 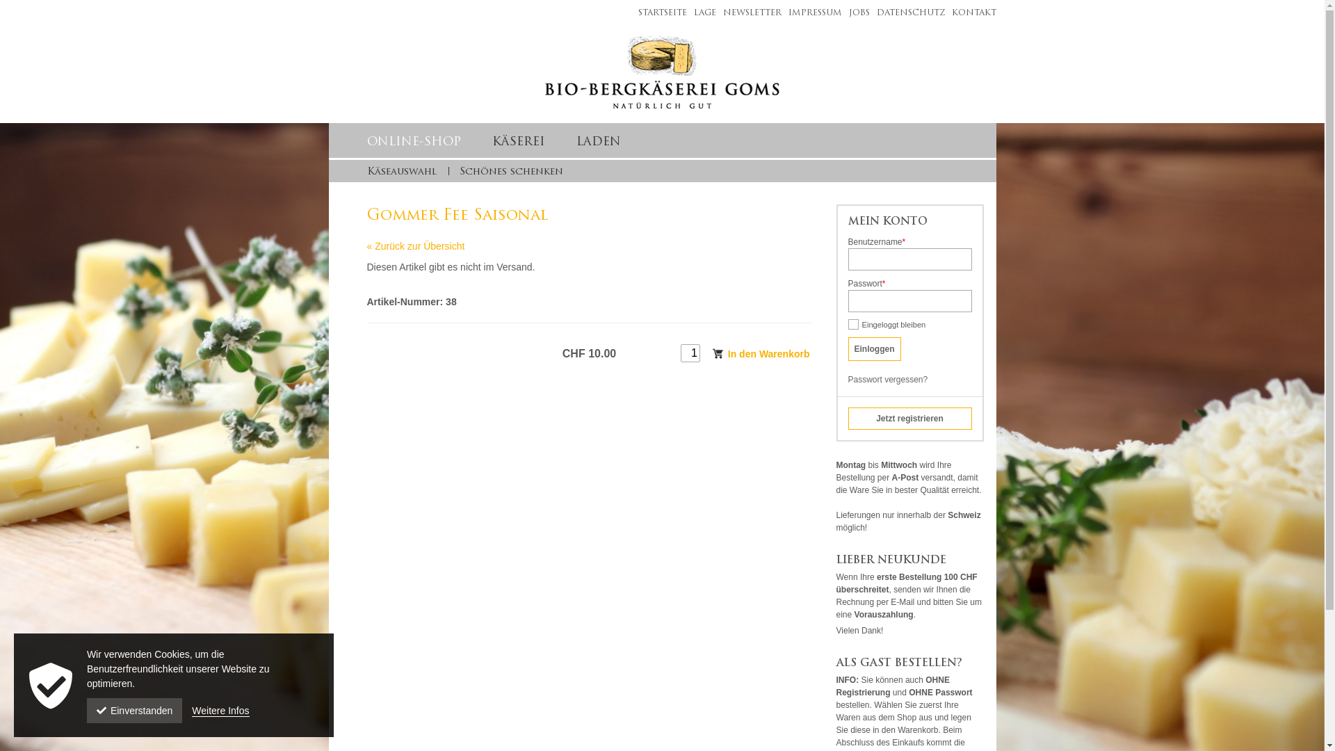 I want to click on 'Einverstanden', so click(x=134, y=711).